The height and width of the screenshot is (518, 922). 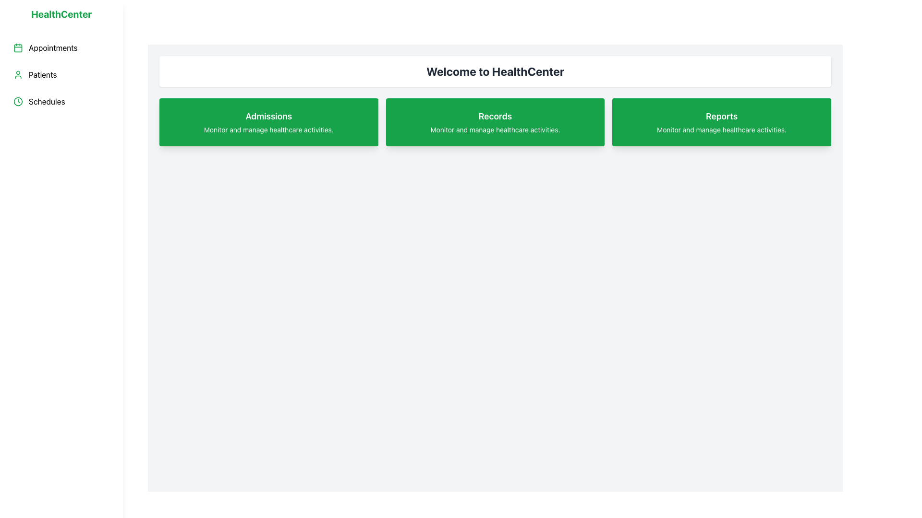 What do you see at coordinates (18, 102) in the screenshot?
I see `the green circular base of the clock icon` at bounding box center [18, 102].